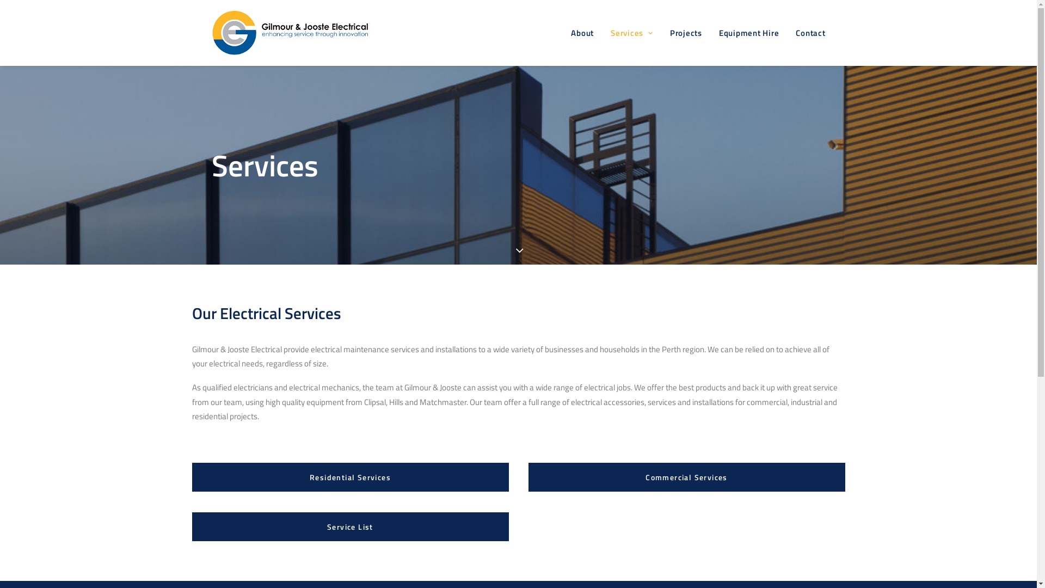 The image size is (1045, 588). Describe the element at coordinates (807, 32) in the screenshot. I see `'Contact'` at that location.